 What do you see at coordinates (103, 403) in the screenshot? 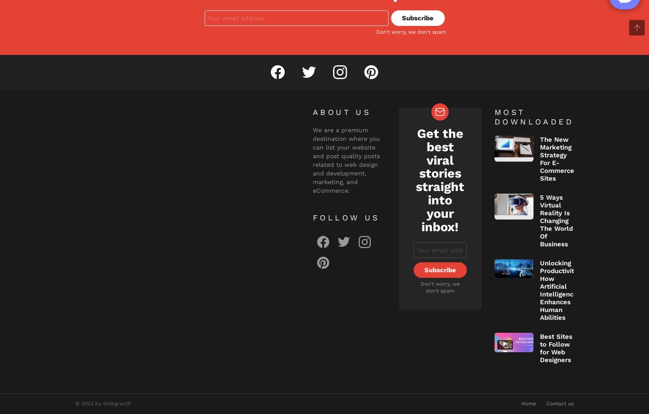
I see `'© 2023 by Webgranth'` at bounding box center [103, 403].